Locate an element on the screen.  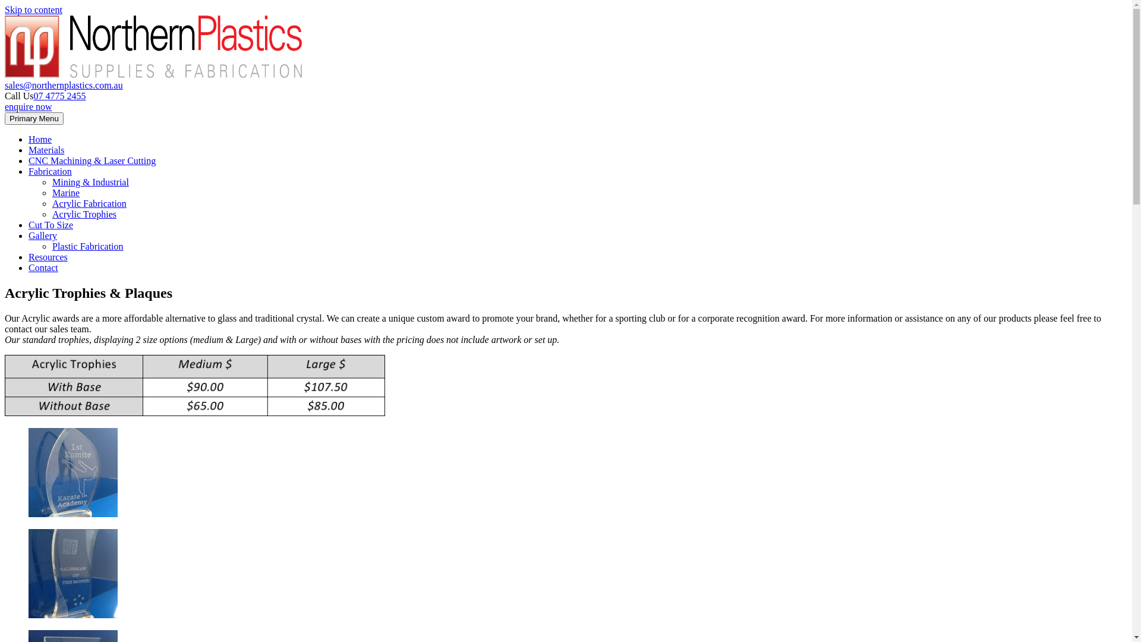
'Cut To Size' is located at coordinates (50, 225).